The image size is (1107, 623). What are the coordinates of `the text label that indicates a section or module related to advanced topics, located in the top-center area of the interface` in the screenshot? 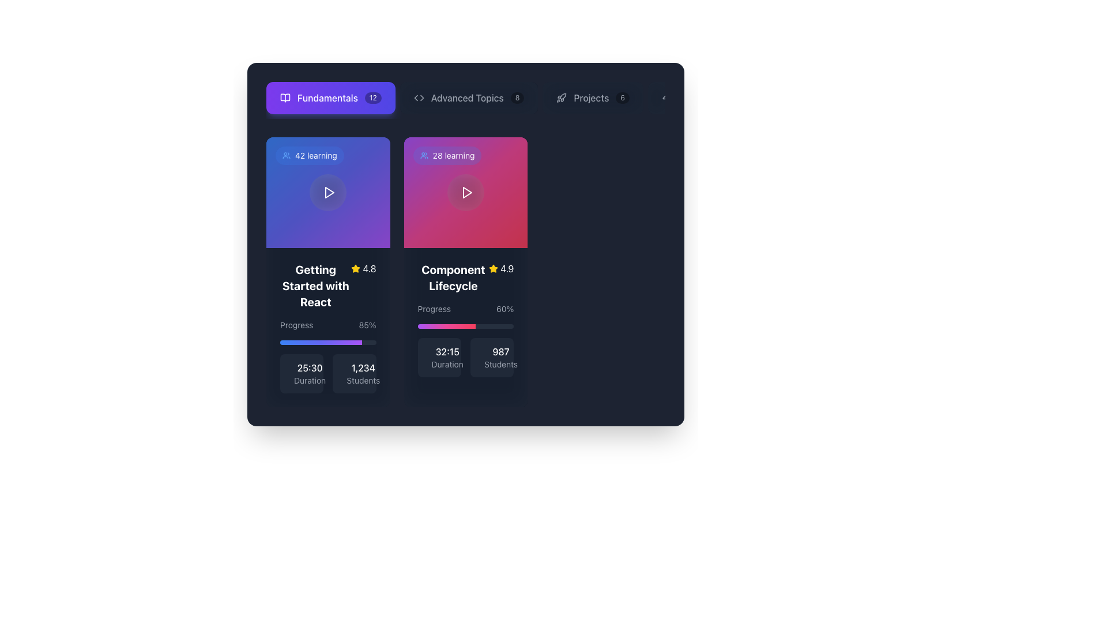 It's located at (467, 97).